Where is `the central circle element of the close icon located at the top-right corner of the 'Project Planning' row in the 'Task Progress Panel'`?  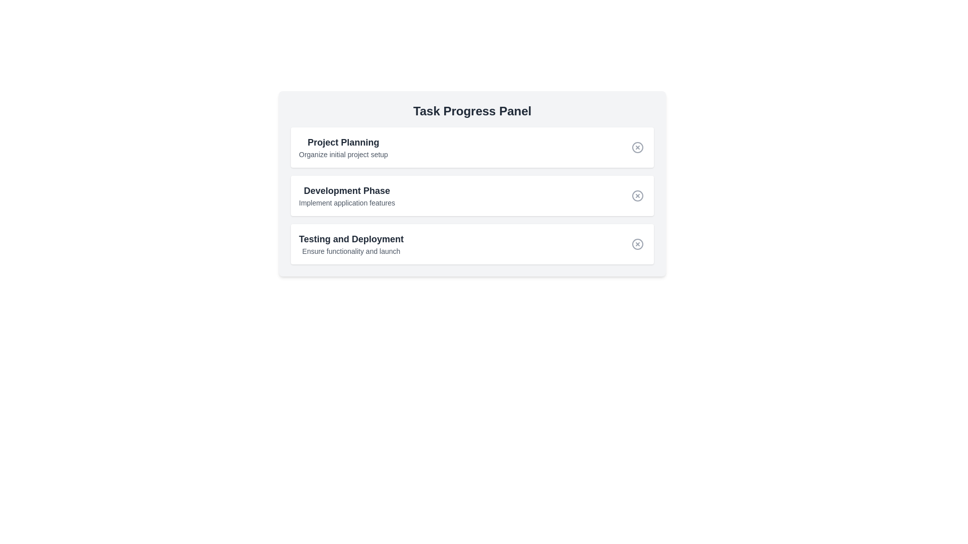 the central circle element of the close icon located at the top-right corner of the 'Project Planning' row in the 'Task Progress Panel' is located at coordinates (637, 148).